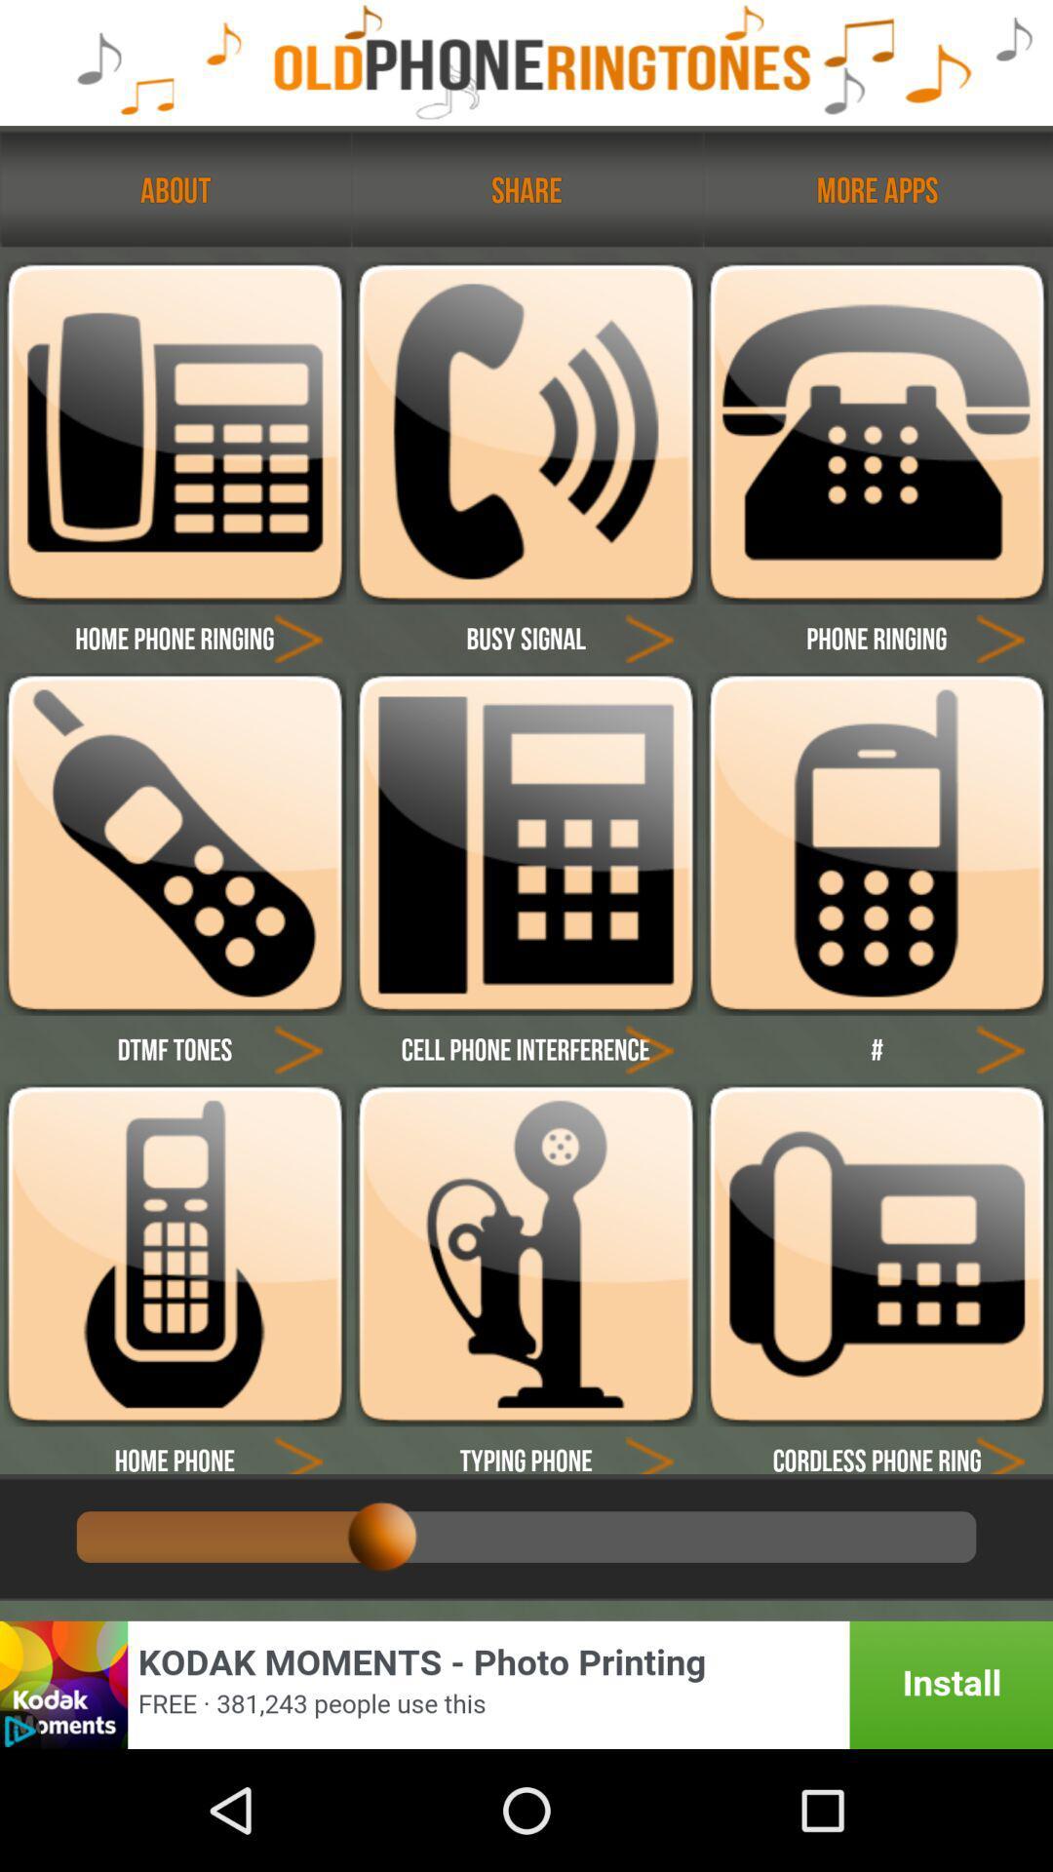 The image size is (1053, 1872). Describe the element at coordinates (298, 1047) in the screenshot. I see `go back` at that location.